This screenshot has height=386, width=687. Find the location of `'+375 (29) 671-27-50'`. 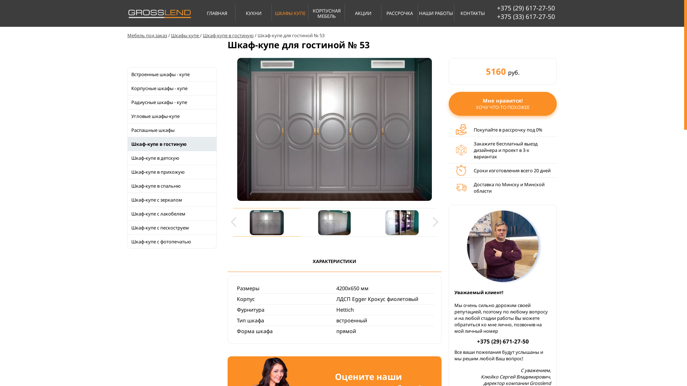

'+375 (29) 671-27-50' is located at coordinates (502, 341).